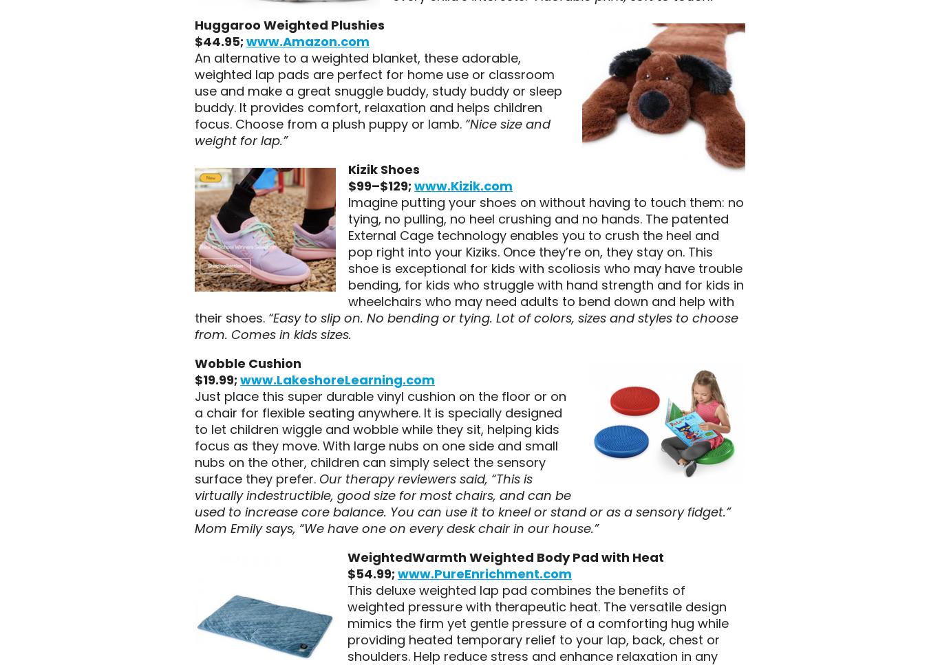  I want to click on 'Imagine putting your shoes on without having to touch them: no tying, no pulling, no heel crushing and no hands. The patented External Cage technology enables you to crush the heel and pop right into your Kiziks. Once they’re on, they stay on. This shoe is exceptional for kids with scoliosis who may have trouble bending, for kids who struggle with hand strength and for kids in wheelchairs who may need adults to bend down and help with their shoes.', so click(467, 259).